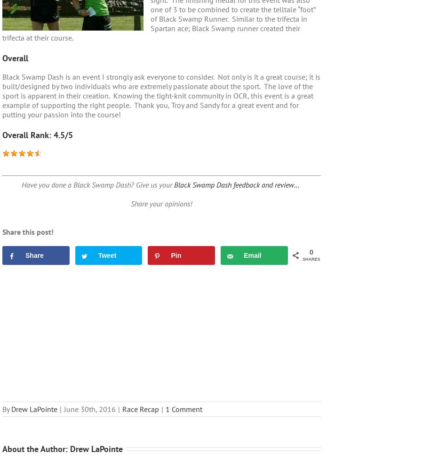  Describe the element at coordinates (37, 134) in the screenshot. I see `'Overall Rank: 4.5/5'` at that location.